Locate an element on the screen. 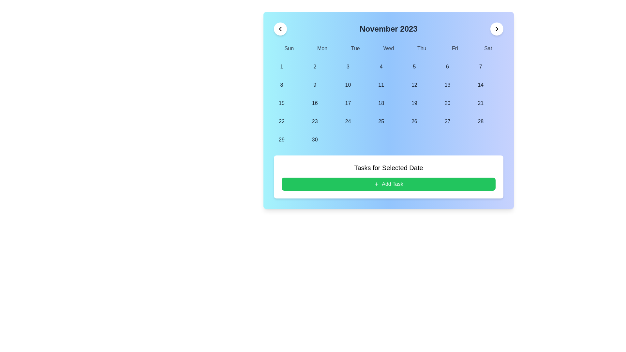 This screenshot has height=352, width=626. the button representing the 15th date in the calendar is located at coordinates (282, 103).